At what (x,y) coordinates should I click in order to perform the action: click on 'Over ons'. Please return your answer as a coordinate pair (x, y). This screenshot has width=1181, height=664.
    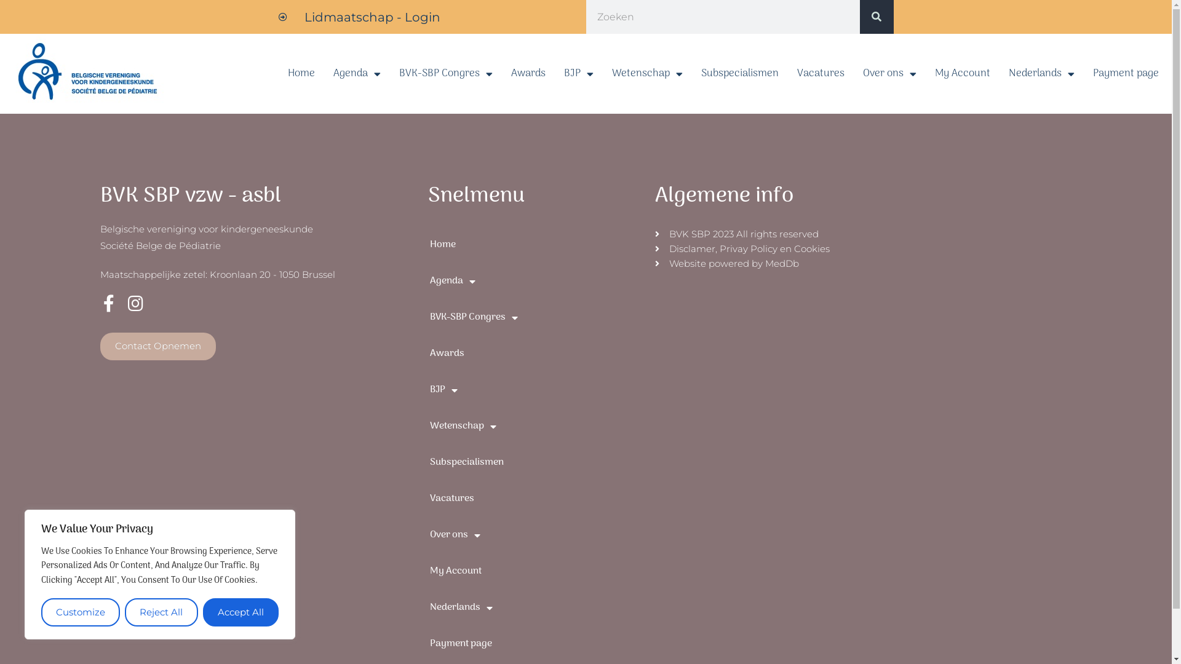
    Looking at the image, I should click on (428, 534).